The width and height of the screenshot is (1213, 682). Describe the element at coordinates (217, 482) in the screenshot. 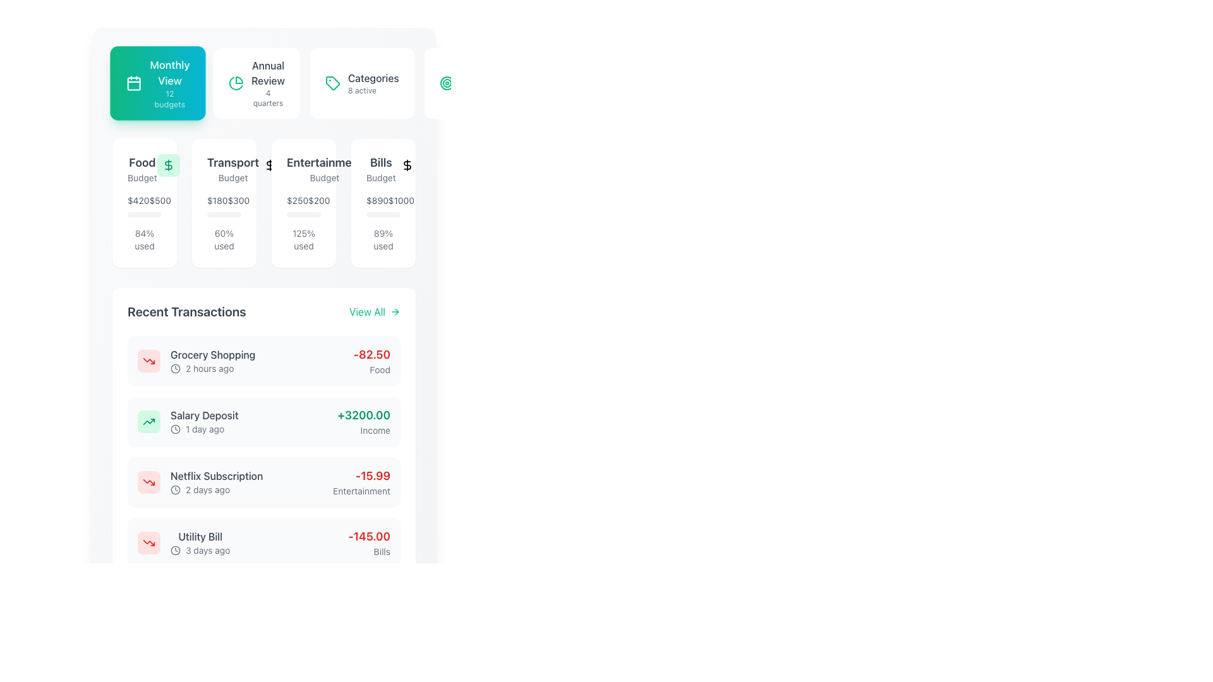

I see `text from the third transaction entry in the 'Recent Transactions' section, which displays the name of the service, the time since it was registered, and an associated category or type` at that location.